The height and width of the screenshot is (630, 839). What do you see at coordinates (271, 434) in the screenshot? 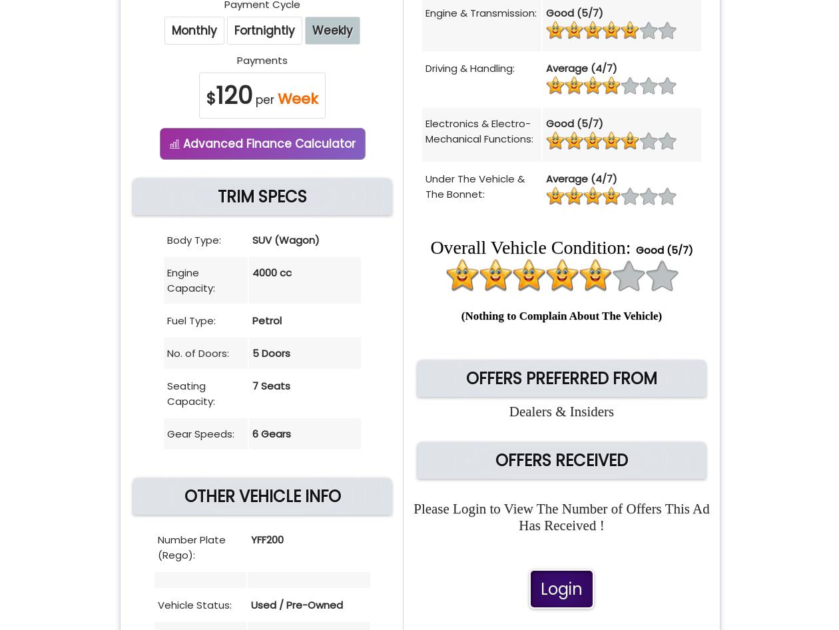
I see `'6 Gears'` at bounding box center [271, 434].